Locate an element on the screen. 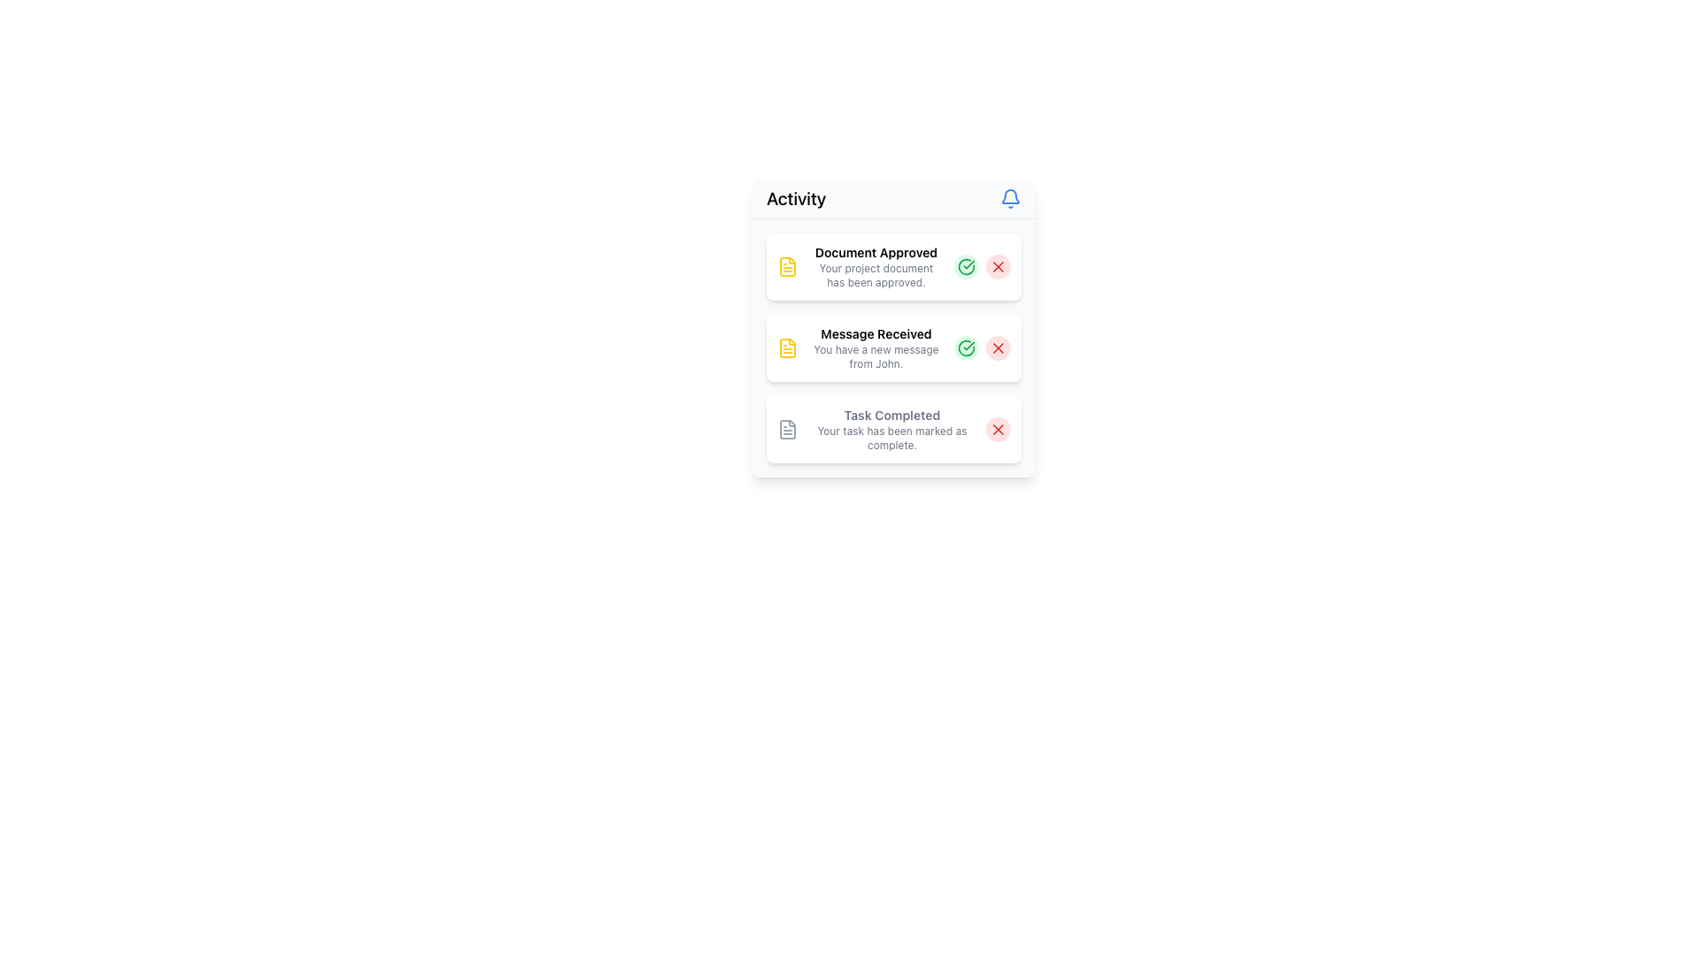  text label indicating that a document has been approved, located towards the top left of the activity panel above the subtext 'Your project document has been approved.' is located at coordinates (876, 252).